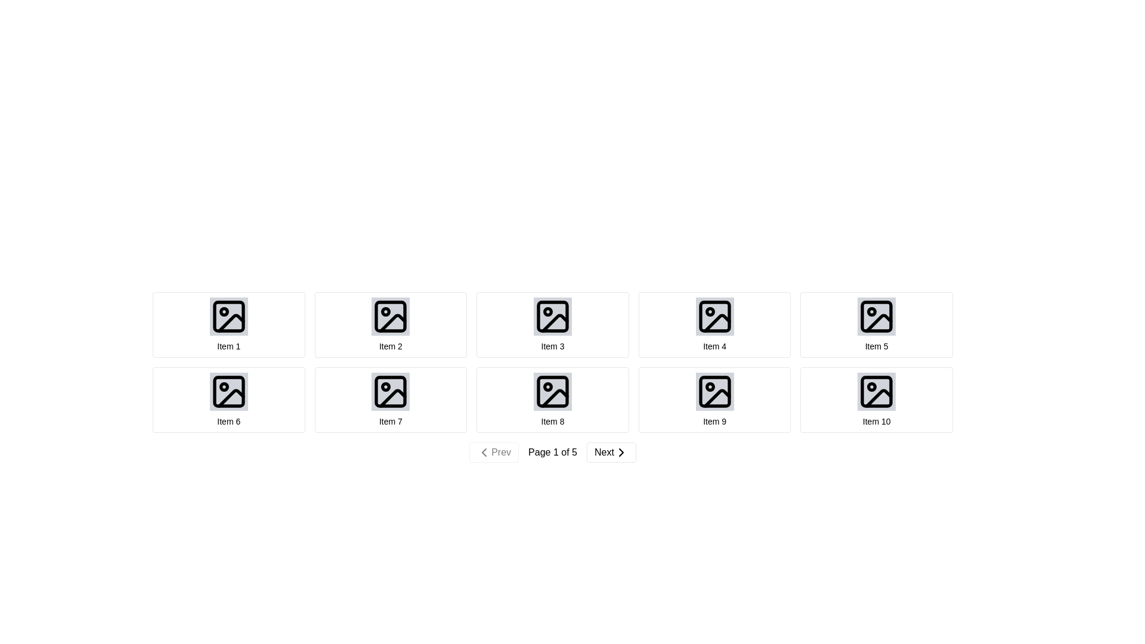 The height and width of the screenshot is (644, 1145). I want to click on the small circular decorative graphic feature within the grayscale picture frame icon associated with 'Item 10', located in the top-right region of the icon, so click(872, 386).